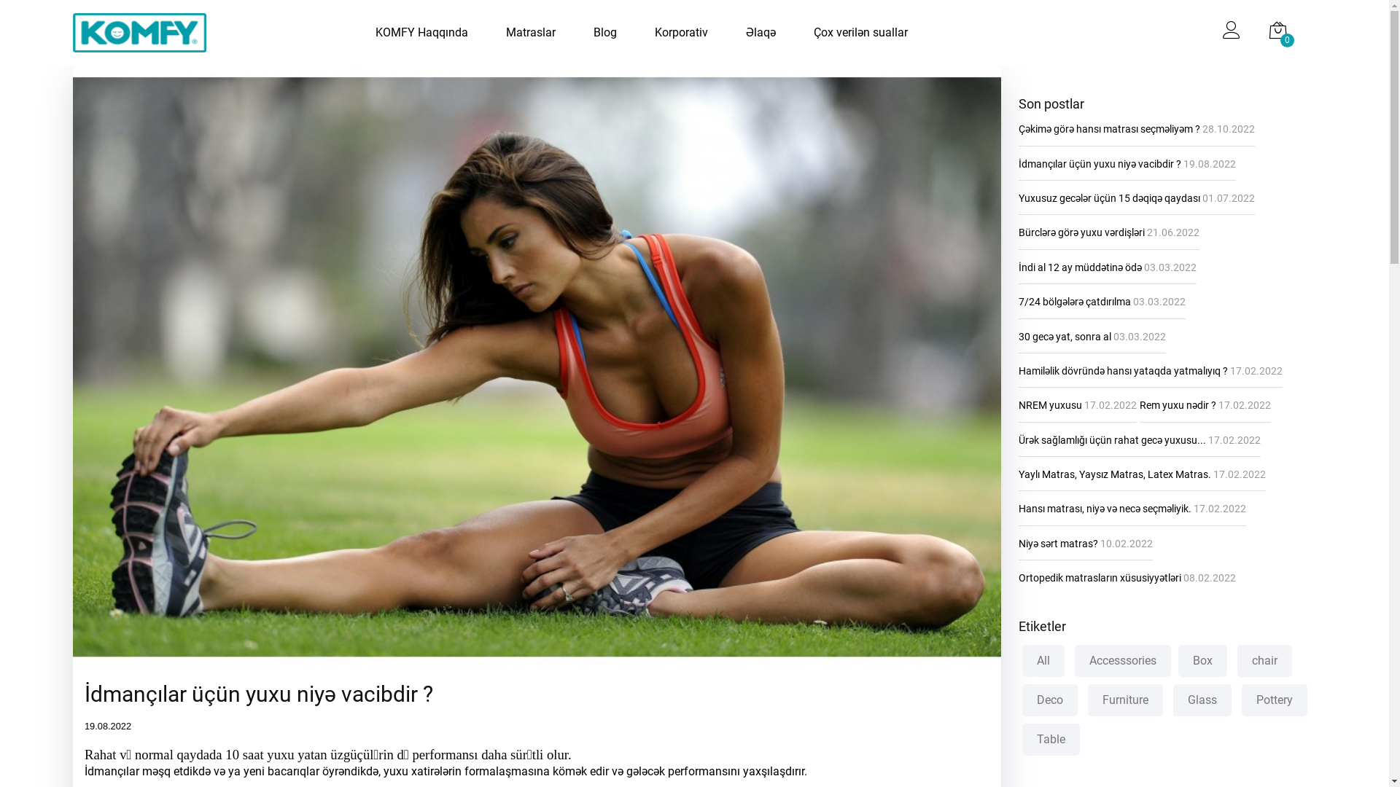  I want to click on 'Korporativ', so click(680, 33).